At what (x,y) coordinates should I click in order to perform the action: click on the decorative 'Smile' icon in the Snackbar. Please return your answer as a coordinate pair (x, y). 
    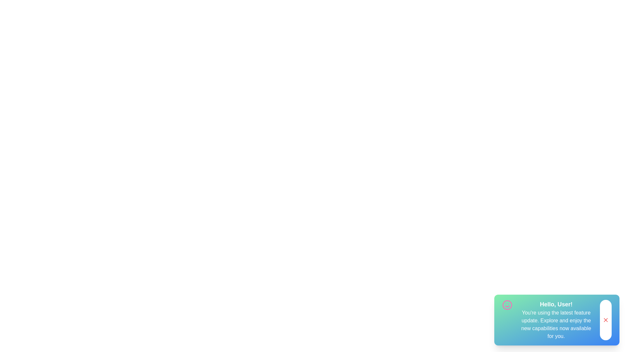
    Looking at the image, I should click on (507, 305).